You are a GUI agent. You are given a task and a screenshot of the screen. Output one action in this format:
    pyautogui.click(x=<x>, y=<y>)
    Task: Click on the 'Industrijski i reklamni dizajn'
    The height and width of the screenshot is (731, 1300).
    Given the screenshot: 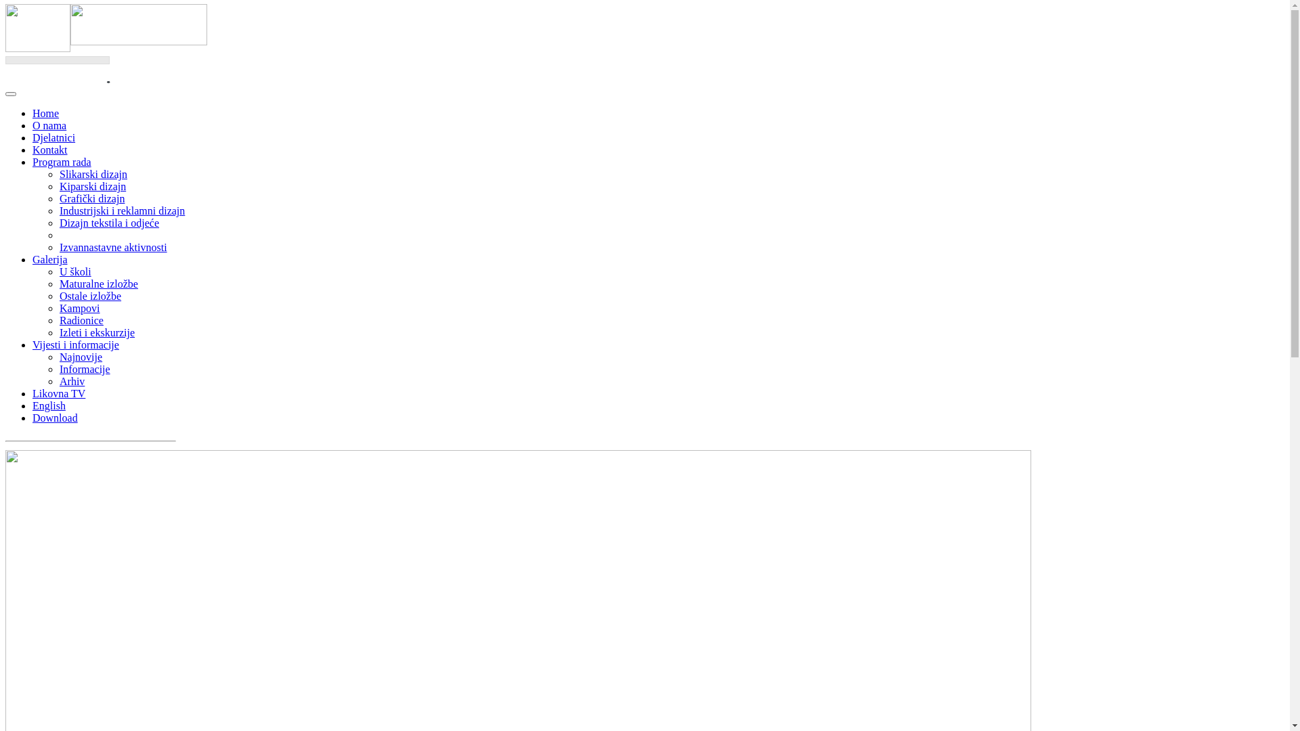 What is the action you would take?
    pyautogui.click(x=122, y=211)
    